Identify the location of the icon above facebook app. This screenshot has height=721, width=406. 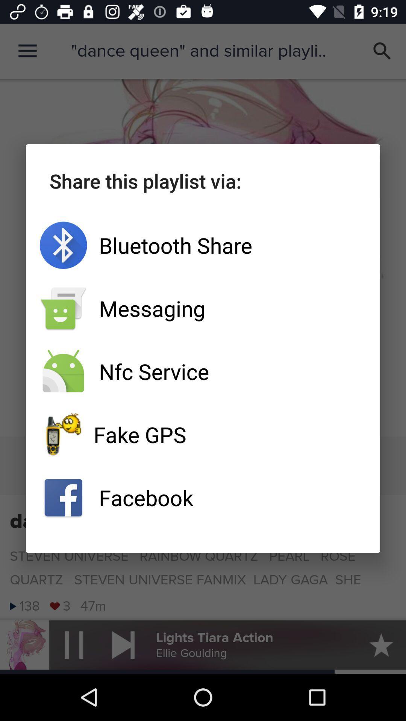
(203, 434).